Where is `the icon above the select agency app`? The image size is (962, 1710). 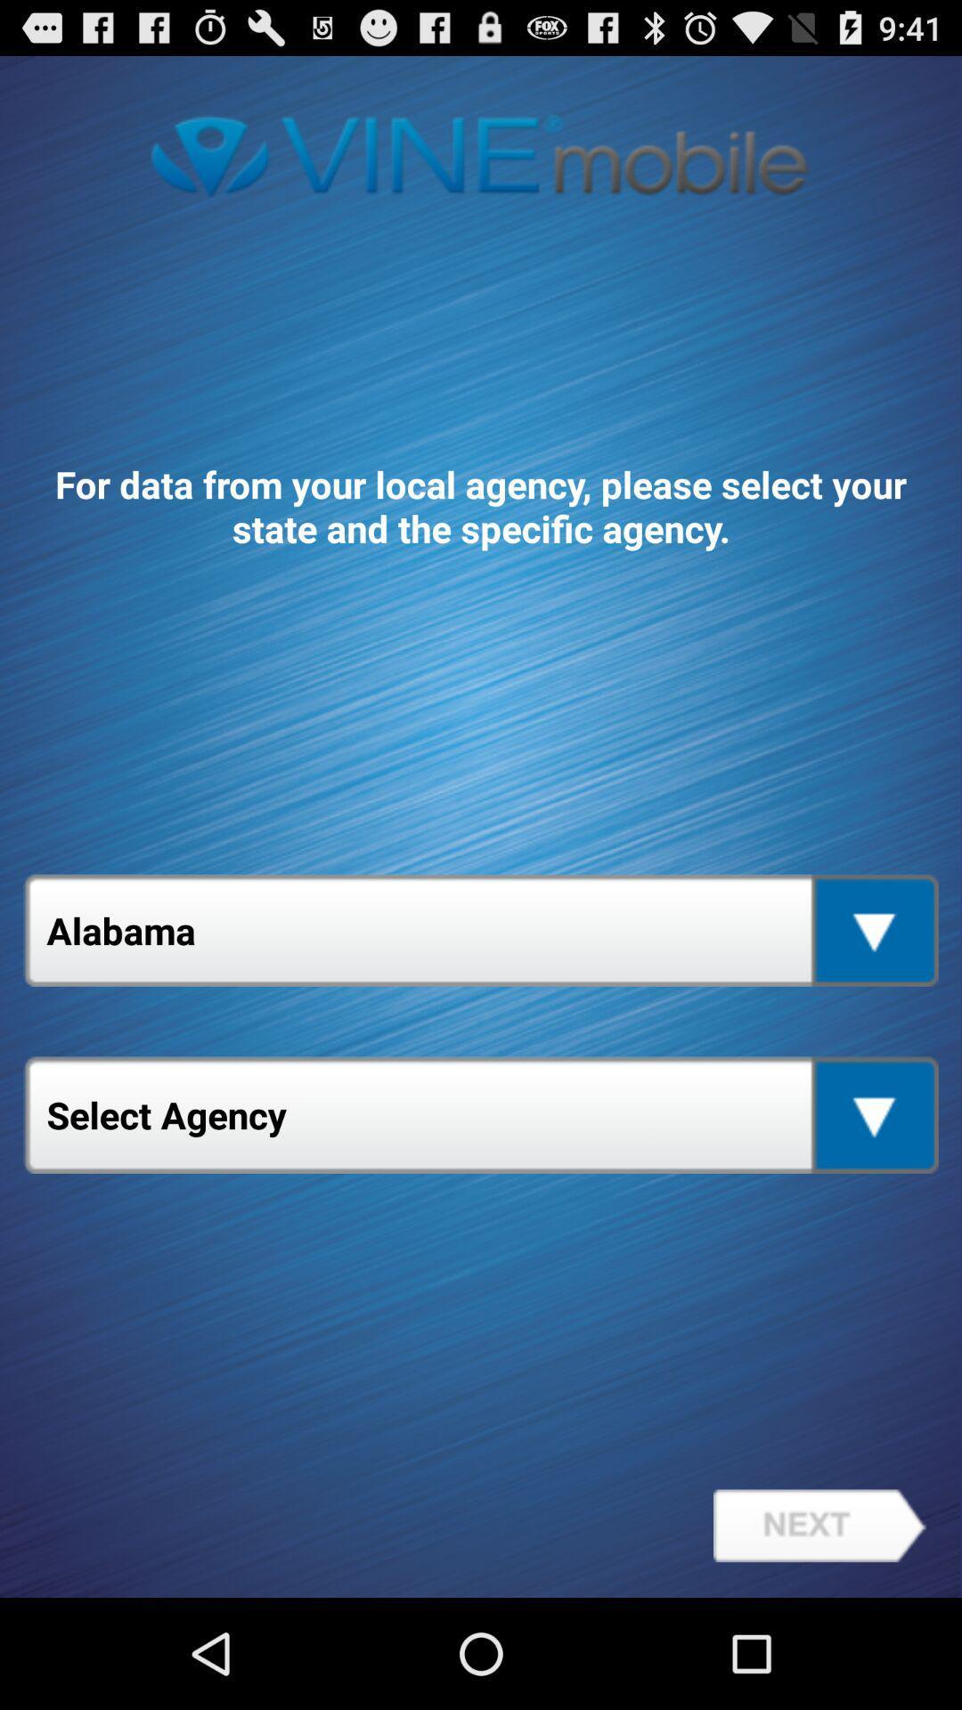 the icon above the select agency app is located at coordinates (481, 929).